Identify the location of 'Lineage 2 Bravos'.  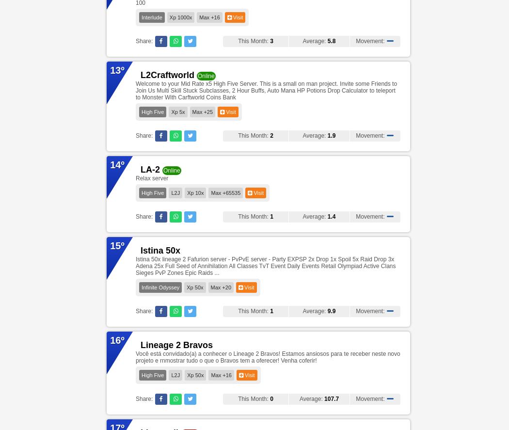
(140, 345).